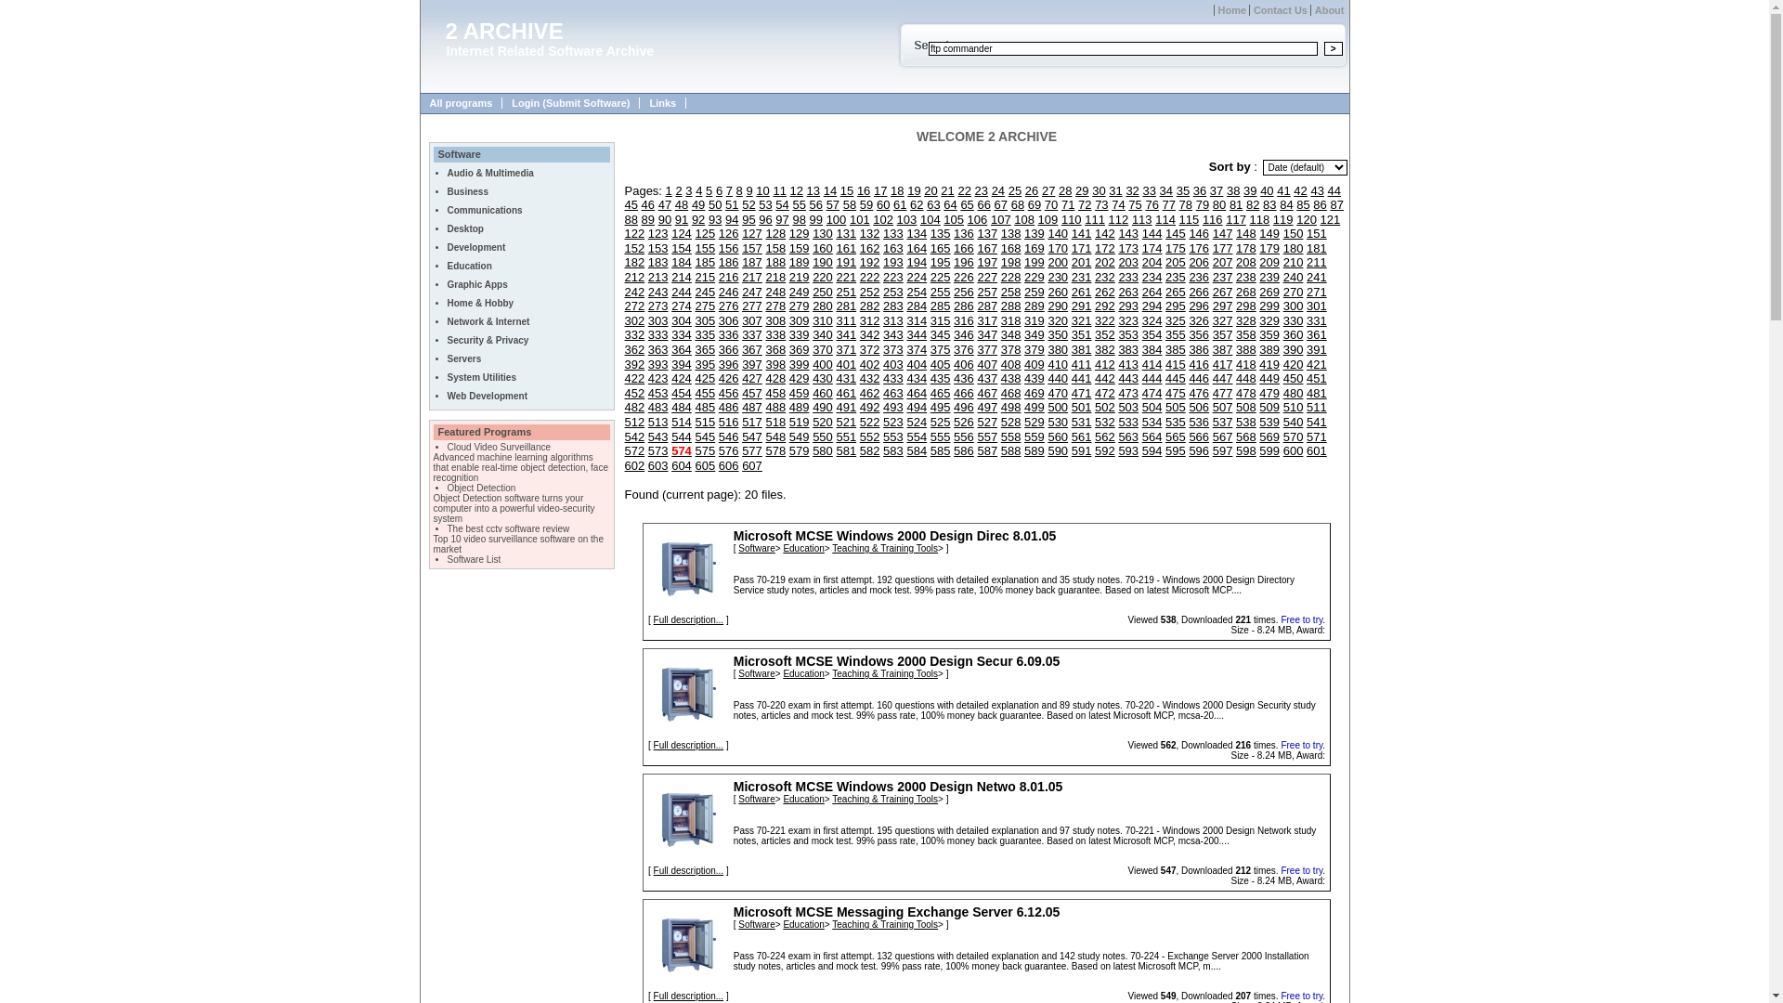  I want to click on '86', so click(1318, 204).